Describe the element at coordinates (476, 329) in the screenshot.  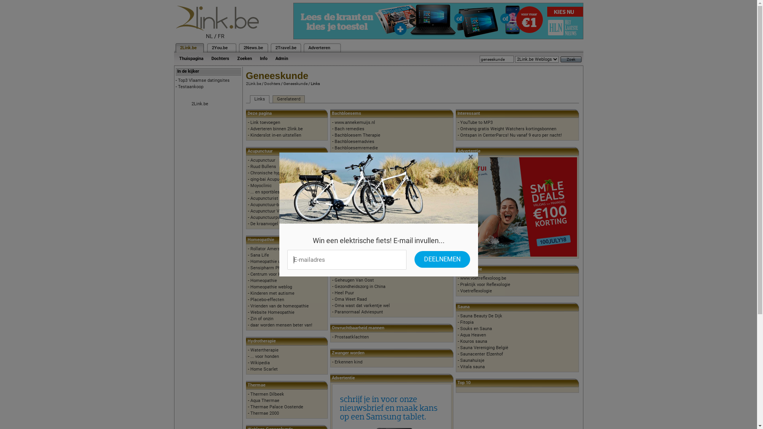
I see `'Souks en Sauna'` at that location.